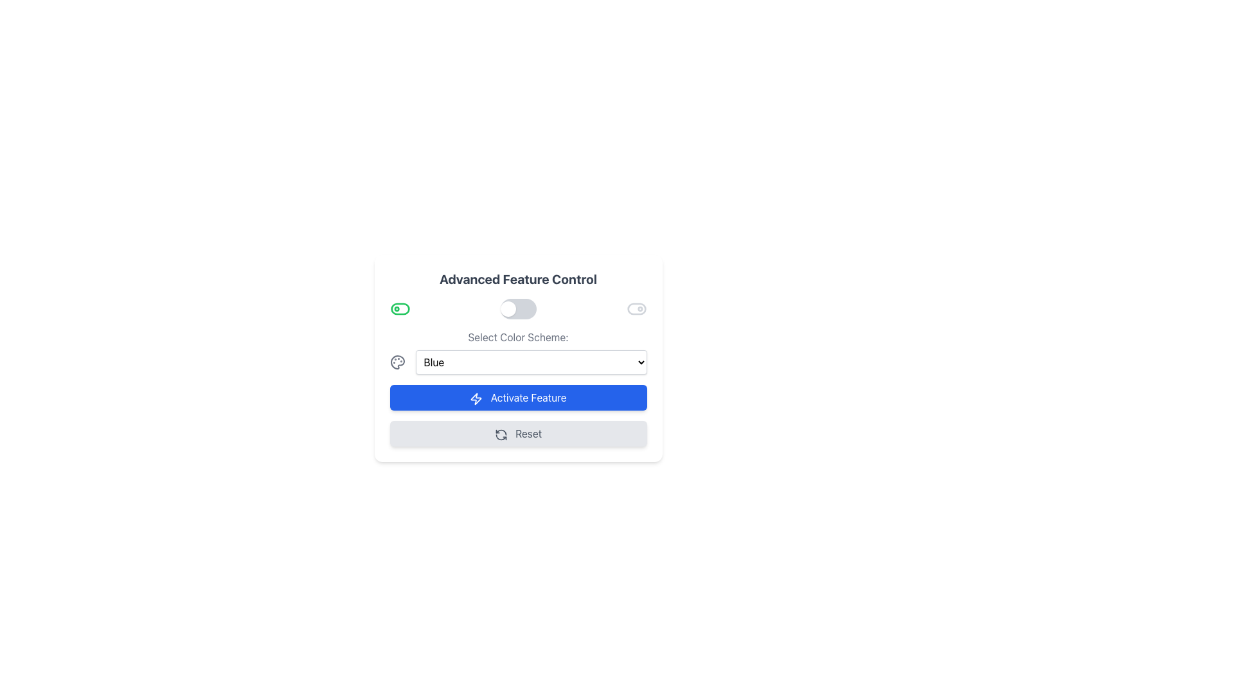 The height and width of the screenshot is (694, 1234). I want to click on the toggle switch located in the 'Advanced Feature Control' section to switch its state between on and off, so click(518, 309).